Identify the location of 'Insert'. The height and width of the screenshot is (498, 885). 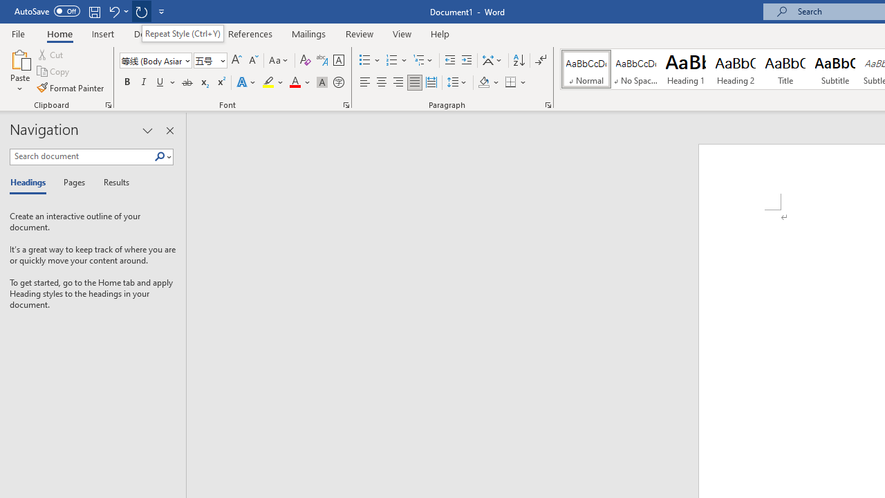
(102, 33).